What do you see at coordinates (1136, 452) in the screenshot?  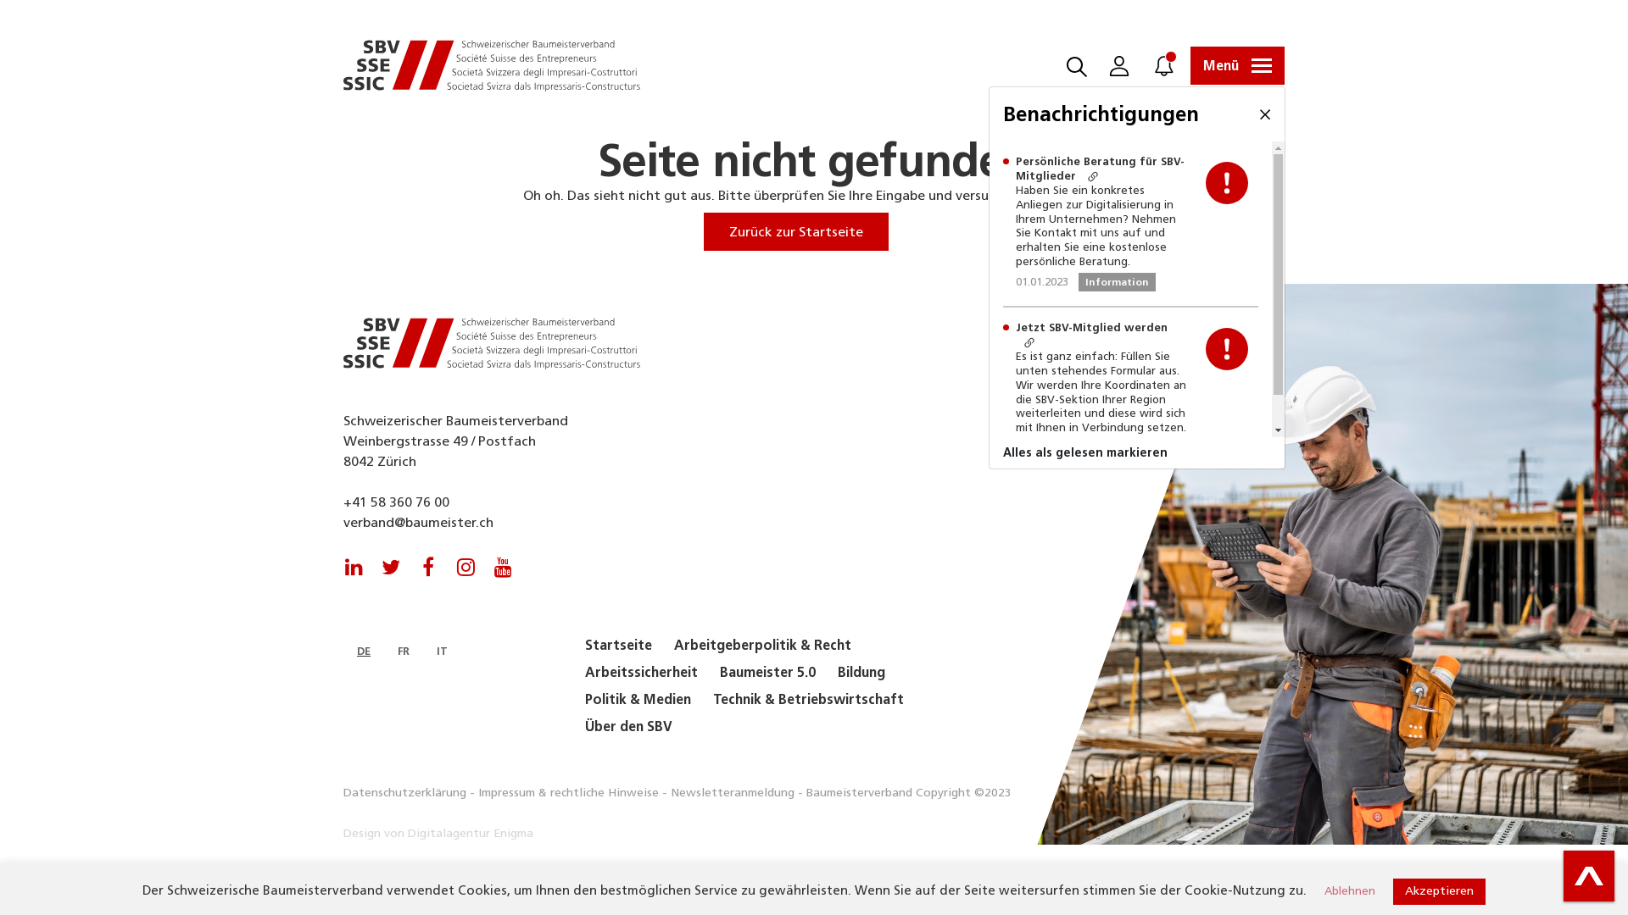 I see `'Alles als gelesen markieren'` at bounding box center [1136, 452].